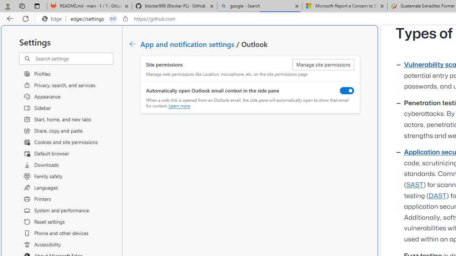 This screenshot has width=456, height=256. Describe the element at coordinates (323, 65) in the screenshot. I see `'Manage site permissions'` at that location.